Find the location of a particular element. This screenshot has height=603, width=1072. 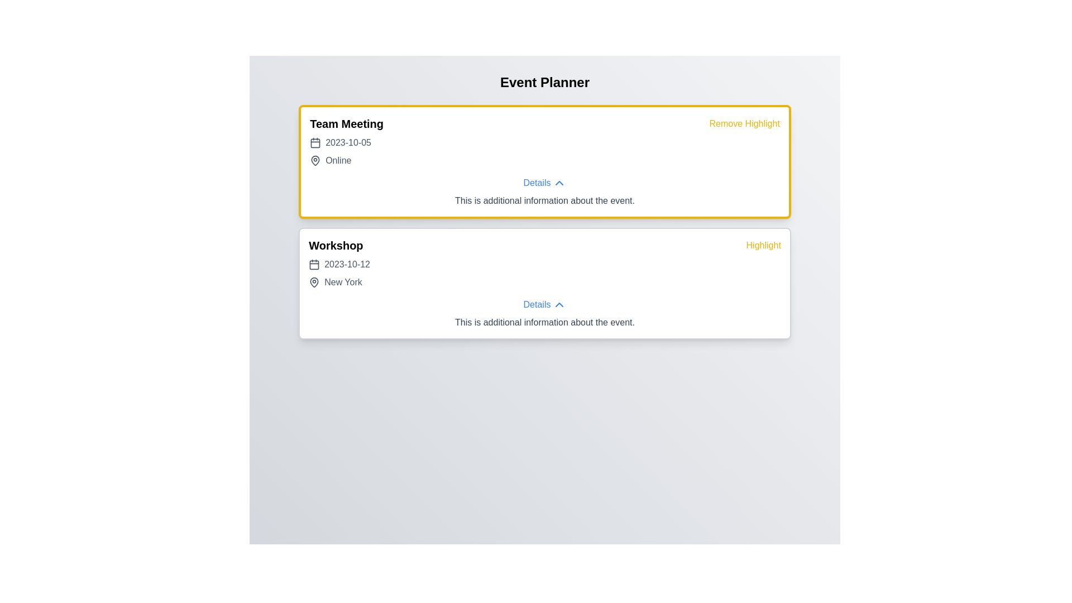

the static text label located at the bottom of the 'Workshop' card, which provides supplementary information about the event is located at coordinates (544, 323).